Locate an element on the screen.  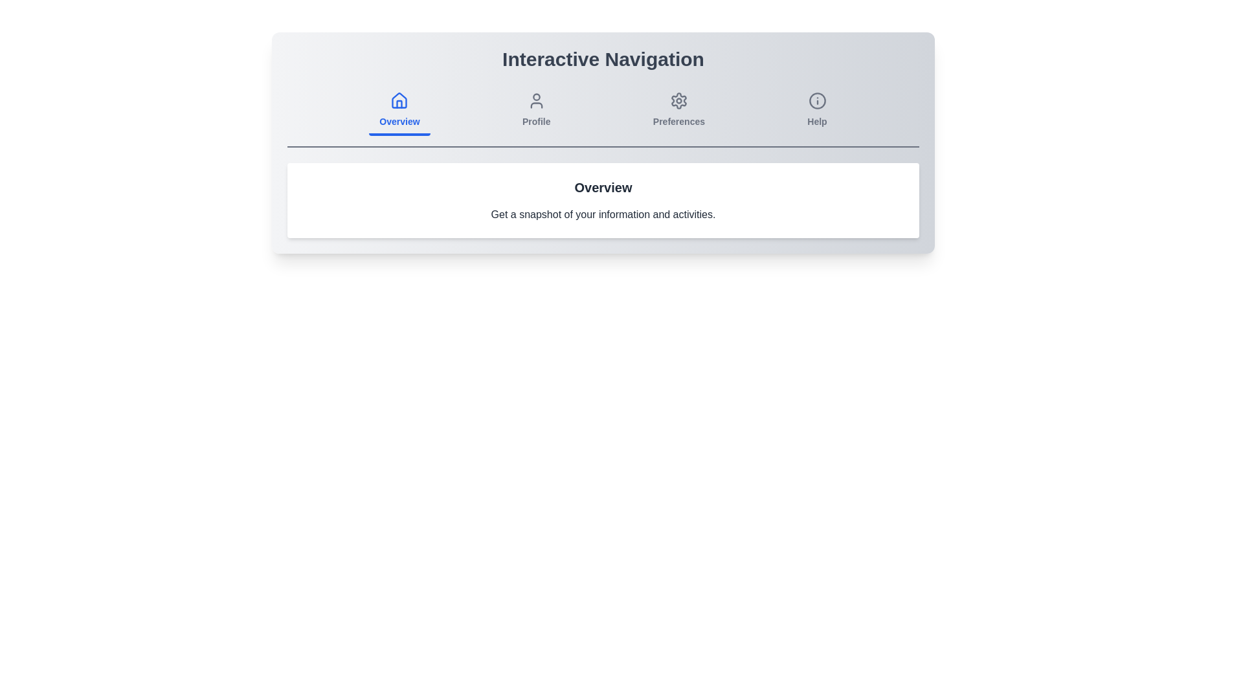
the tab labeled Overview is located at coordinates (399, 111).